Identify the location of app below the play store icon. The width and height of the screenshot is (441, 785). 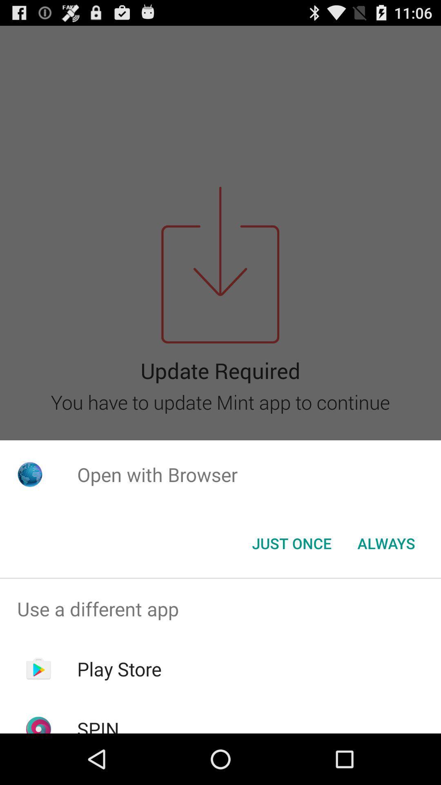
(98, 724).